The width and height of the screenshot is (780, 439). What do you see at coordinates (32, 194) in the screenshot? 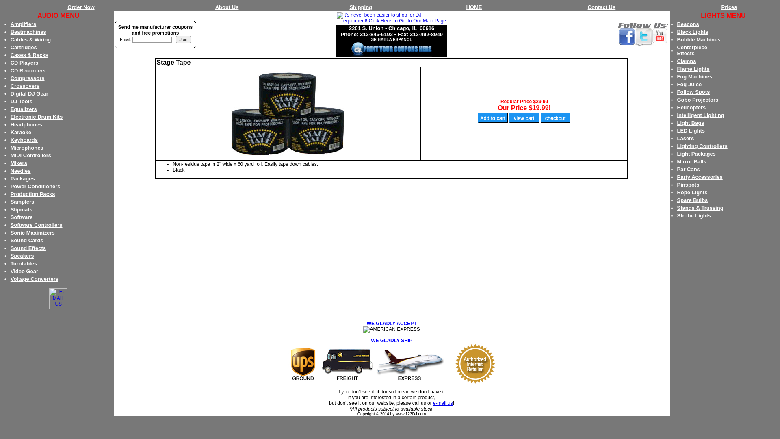
I see `'Production Packs'` at bounding box center [32, 194].